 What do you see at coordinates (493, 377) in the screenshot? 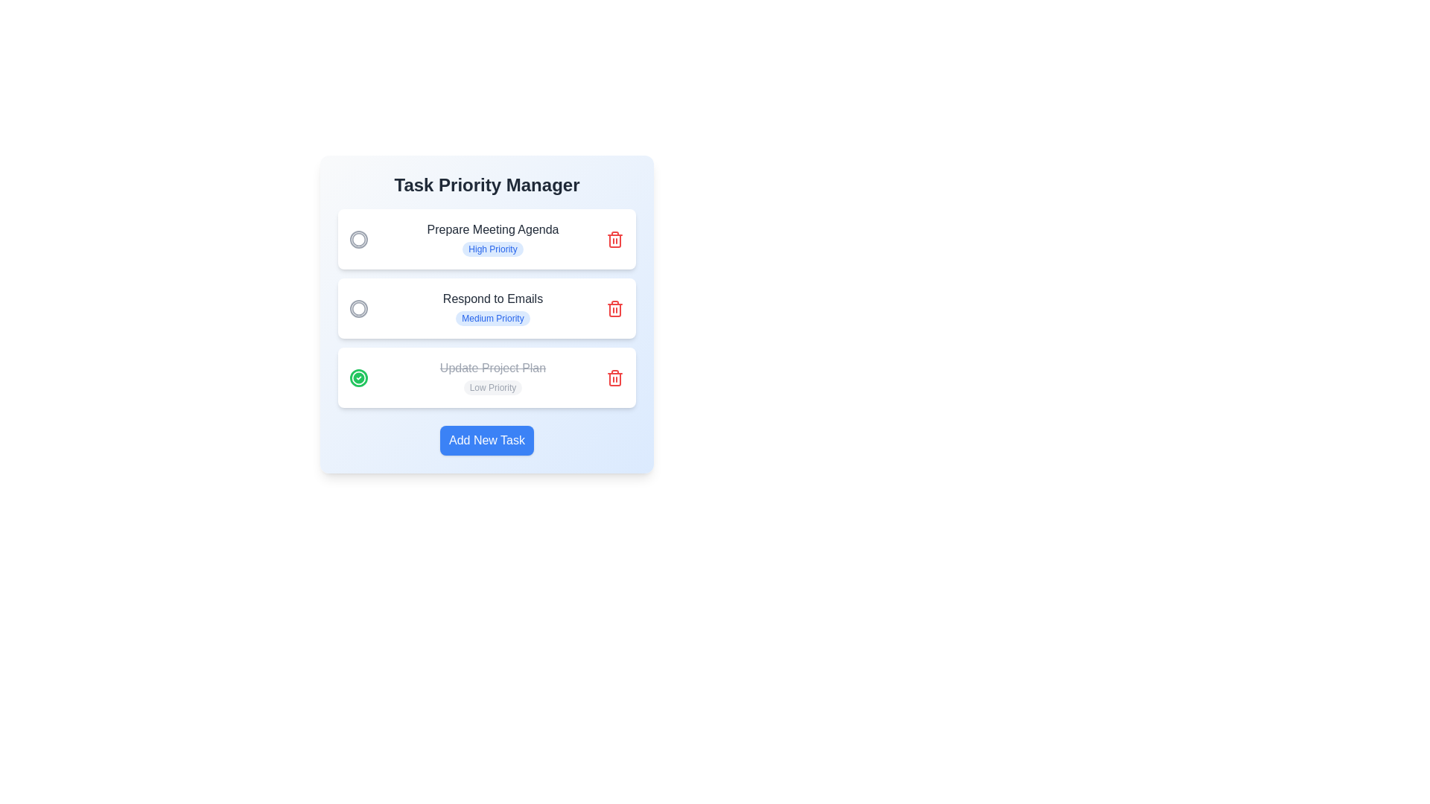
I see `the completed task entry in the task list that is visually represented with a strikethrough, located between 'Respond to Emails' and 'Add New Task' to associate it with other components` at bounding box center [493, 377].